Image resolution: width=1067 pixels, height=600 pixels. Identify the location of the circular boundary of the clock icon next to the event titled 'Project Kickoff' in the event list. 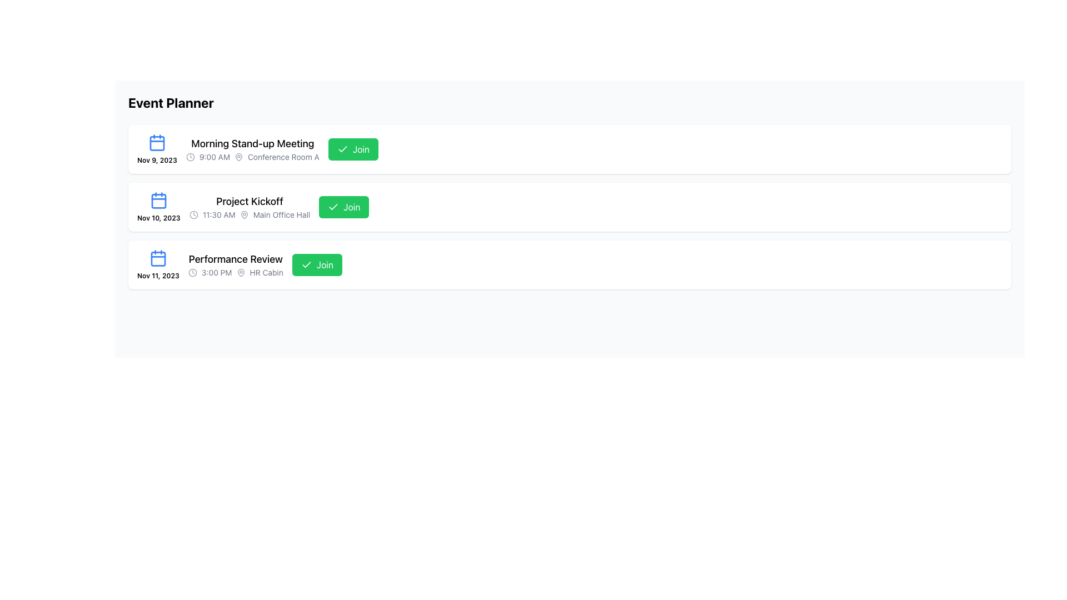
(193, 214).